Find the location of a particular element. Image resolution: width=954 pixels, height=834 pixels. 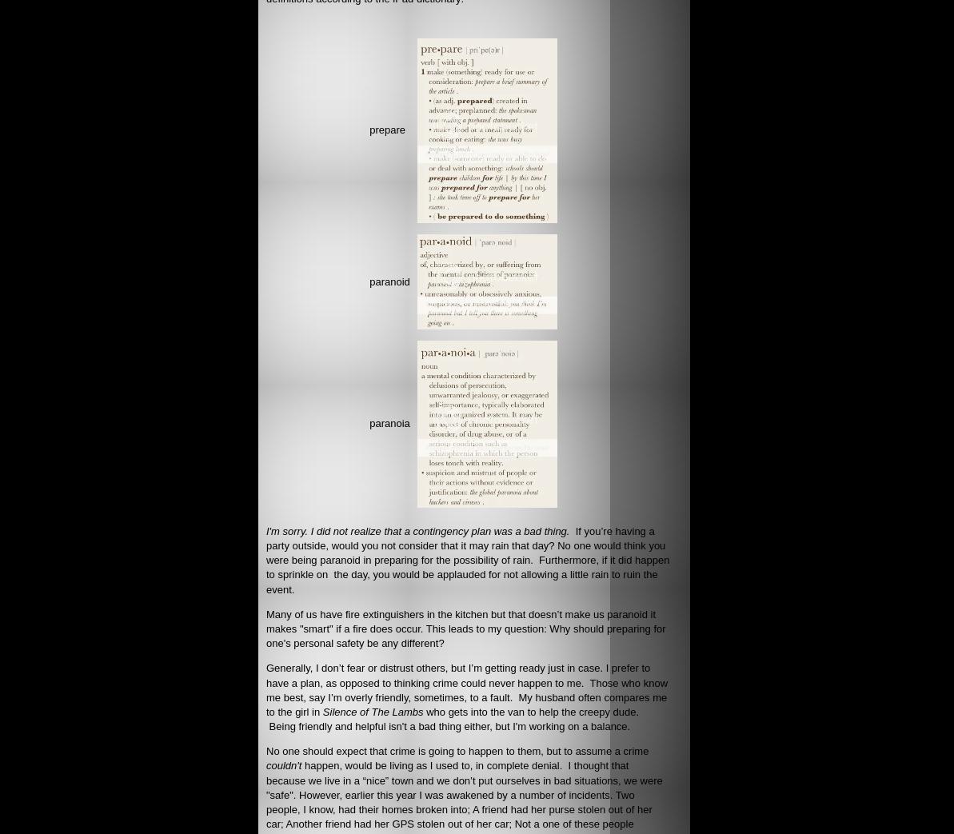

'If you’re having a party outside, would you not consider that it may rain that day? No one would think you were being paranoid in preparing for the possibility of rain.  Furthermore, if it did happen to sprinkle on  the day, you would be applauded for not allowing a little rain to ruin the event.' is located at coordinates (265, 559).